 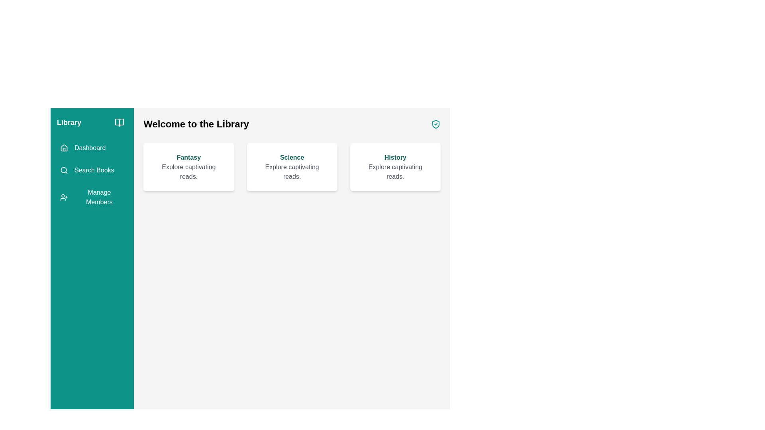 I want to click on the 'Dashboard' text label in the left sidebar navigation, which is displayed in white font on a teal background and is the first item under the 'Library' title, so click(x=90, y=148).